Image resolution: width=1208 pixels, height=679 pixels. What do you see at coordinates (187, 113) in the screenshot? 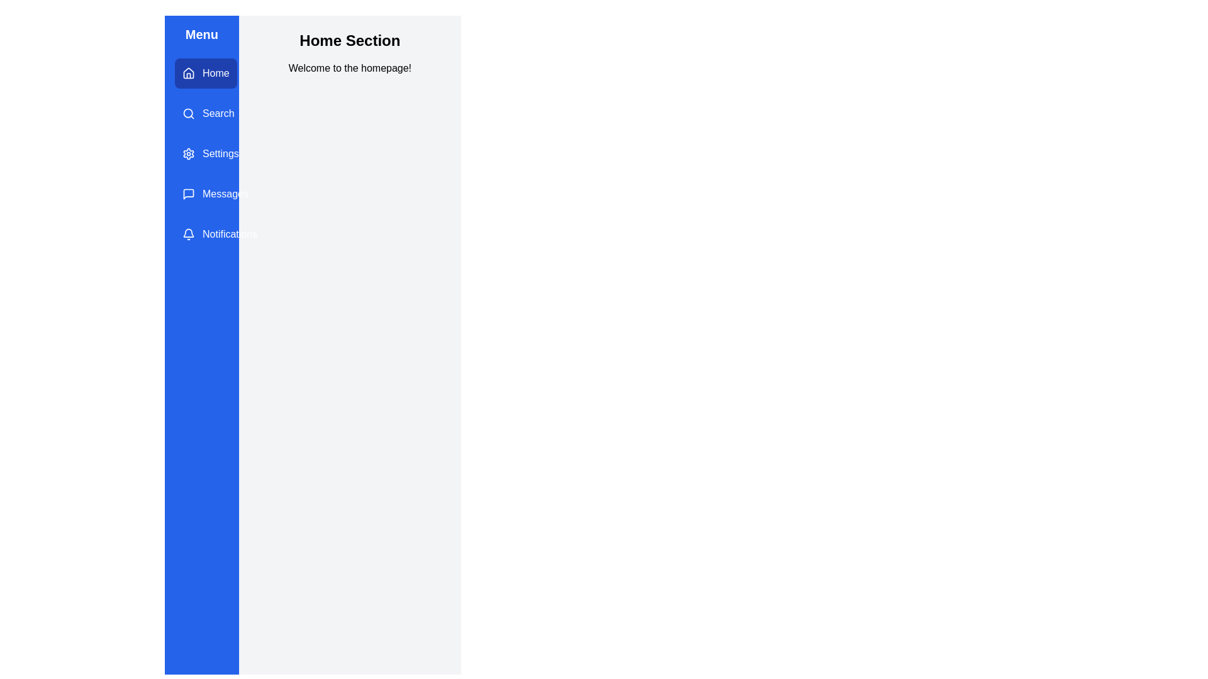
I see `the decorative SVG circle that is part of the magnifying glass icon adjacent to the 'Search' label in the navigation menu, located on the left side of the layout, second from the top` at bounding box center [187, 113].